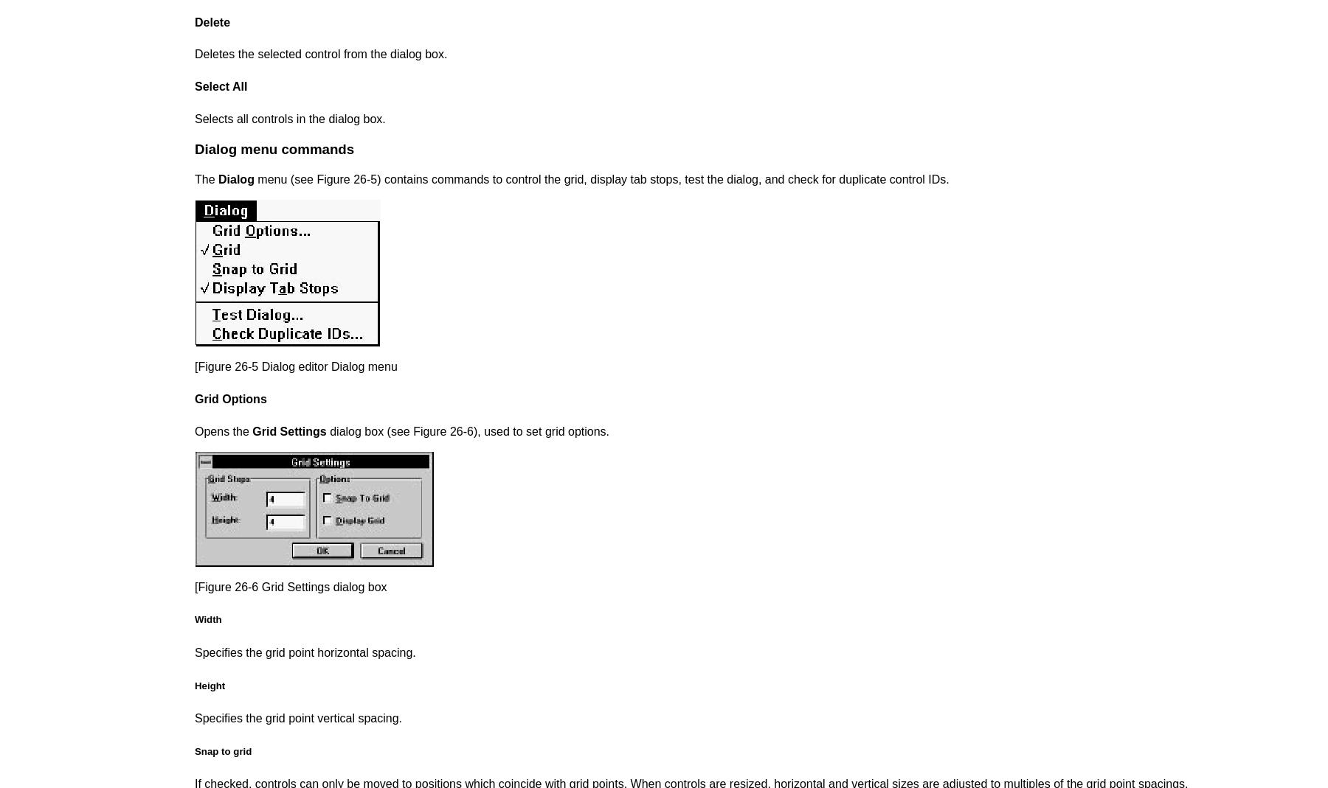 The width and height of the screenshot is (1328, 788). Describe the element at coordinates (222, 430) in the screenshot. I see `'Opens the'` at that location.